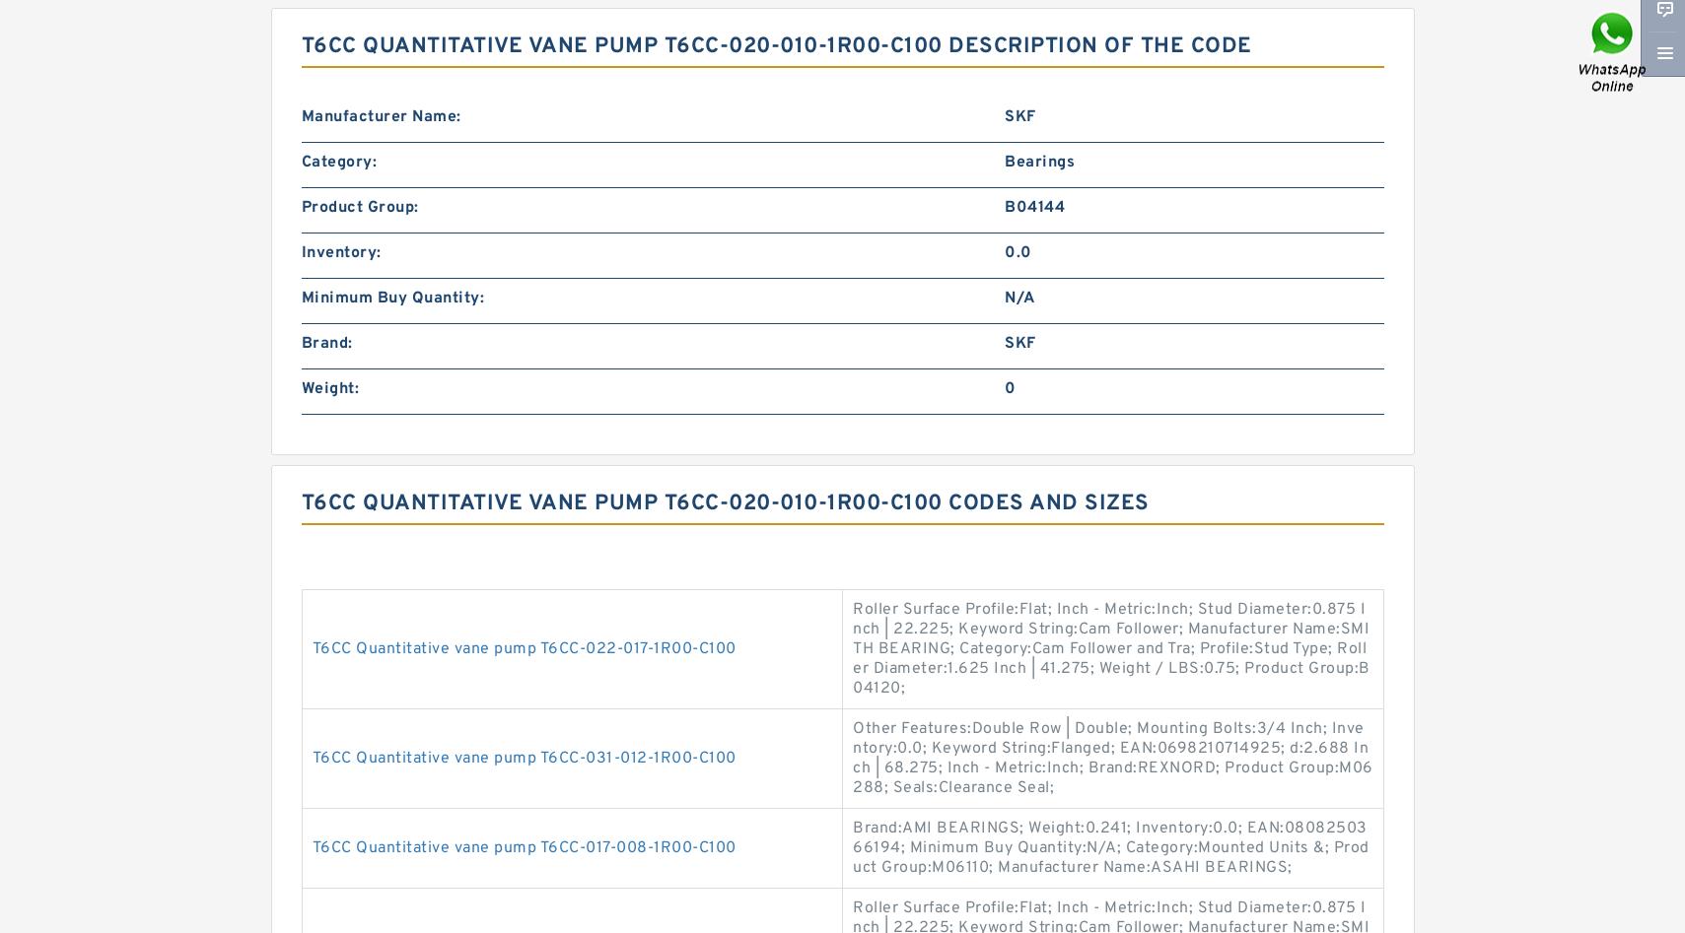  I want to click on 'Product Group:', so click(358, 207).